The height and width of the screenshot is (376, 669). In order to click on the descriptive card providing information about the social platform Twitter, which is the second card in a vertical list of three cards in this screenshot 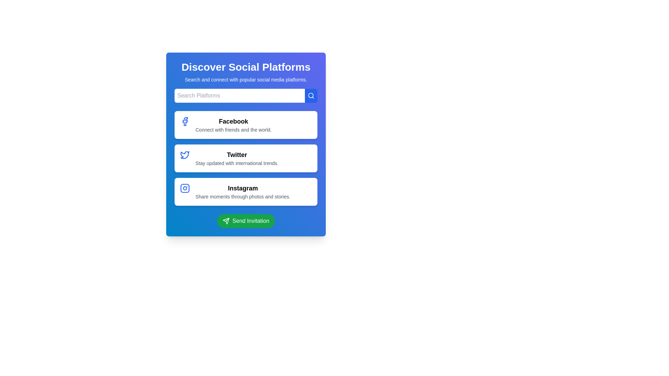, I will do `click(246, 144)`.